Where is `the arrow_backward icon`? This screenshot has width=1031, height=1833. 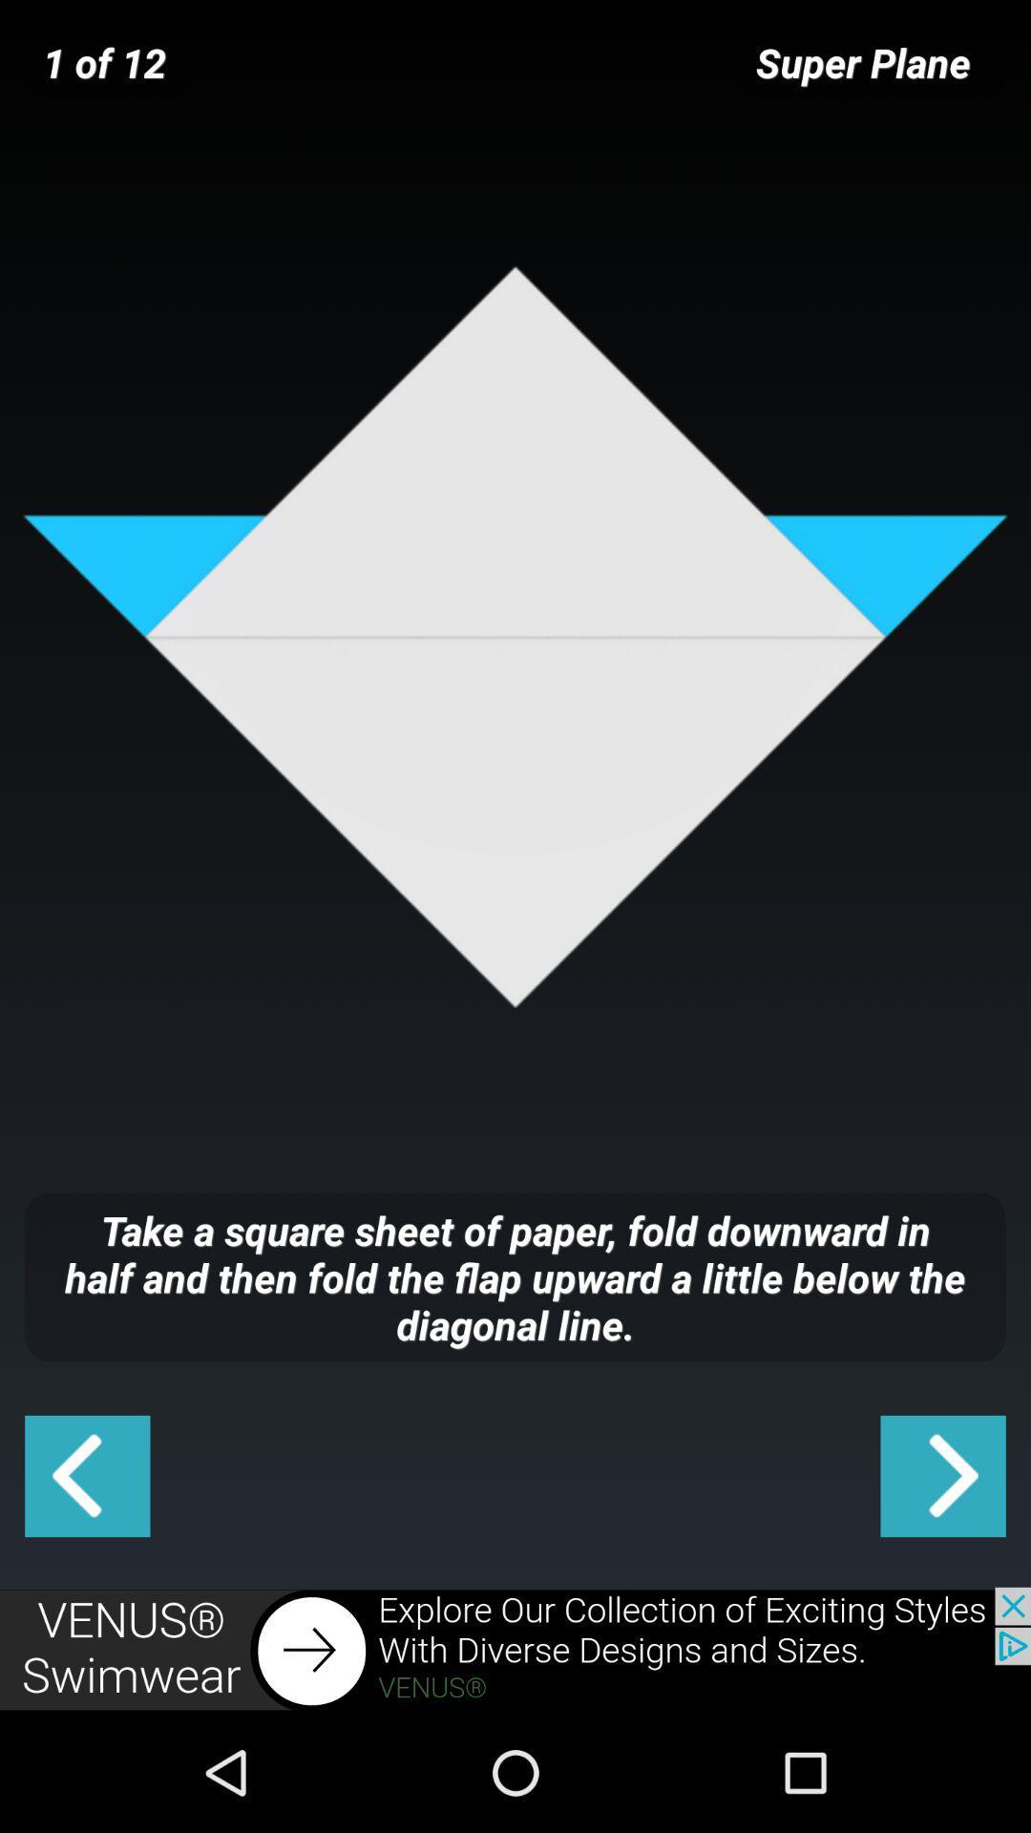
the arrow_backward icon is located at coordinates (87, 1580).